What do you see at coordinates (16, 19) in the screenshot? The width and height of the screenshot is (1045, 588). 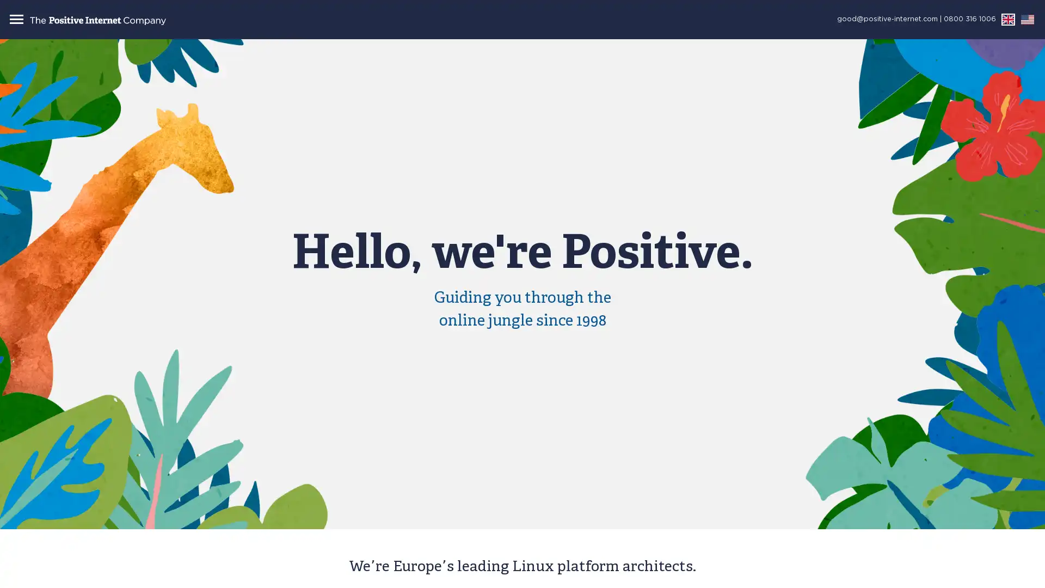 I see `Toggle navigation` at bounding box center [16, 19].